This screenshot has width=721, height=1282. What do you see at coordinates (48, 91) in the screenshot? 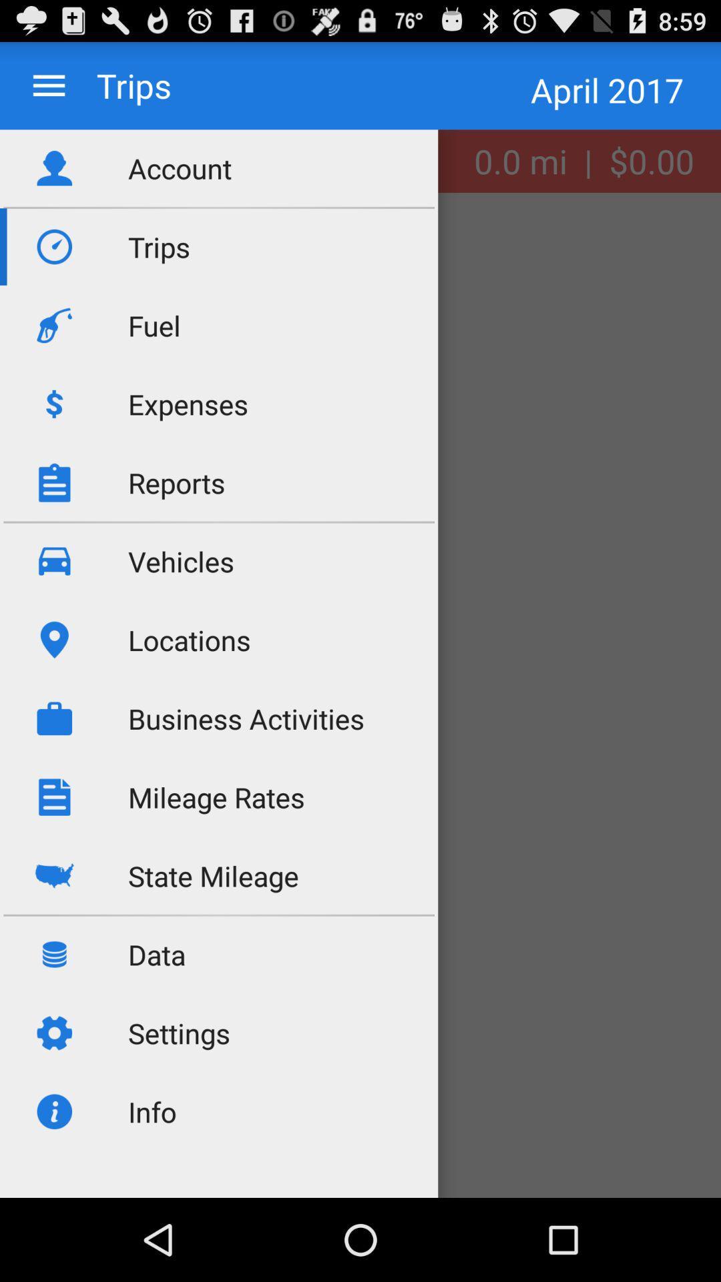
I see `the menu icon` at bounding box center [48, 91].